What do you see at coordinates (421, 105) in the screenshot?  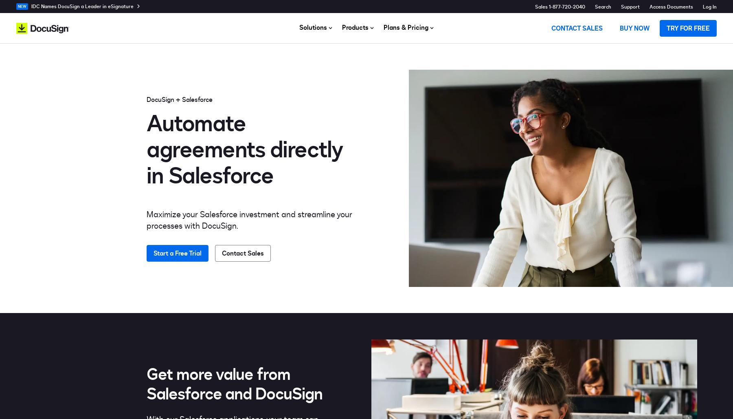 I see `'Incorporate enhanced signer verification into your agreements'` at bounding box center [421, 105].